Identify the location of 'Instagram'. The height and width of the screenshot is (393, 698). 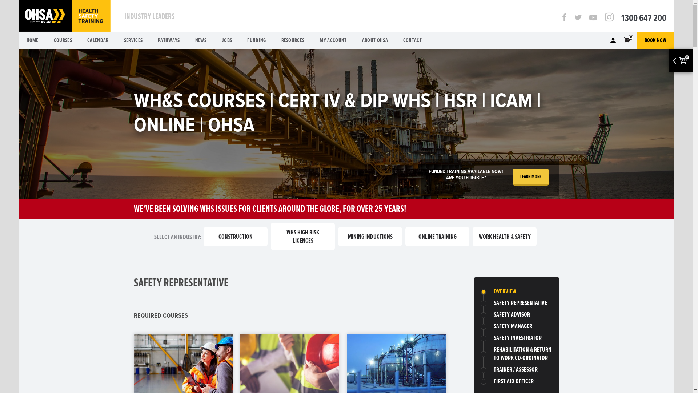
(605, 18).